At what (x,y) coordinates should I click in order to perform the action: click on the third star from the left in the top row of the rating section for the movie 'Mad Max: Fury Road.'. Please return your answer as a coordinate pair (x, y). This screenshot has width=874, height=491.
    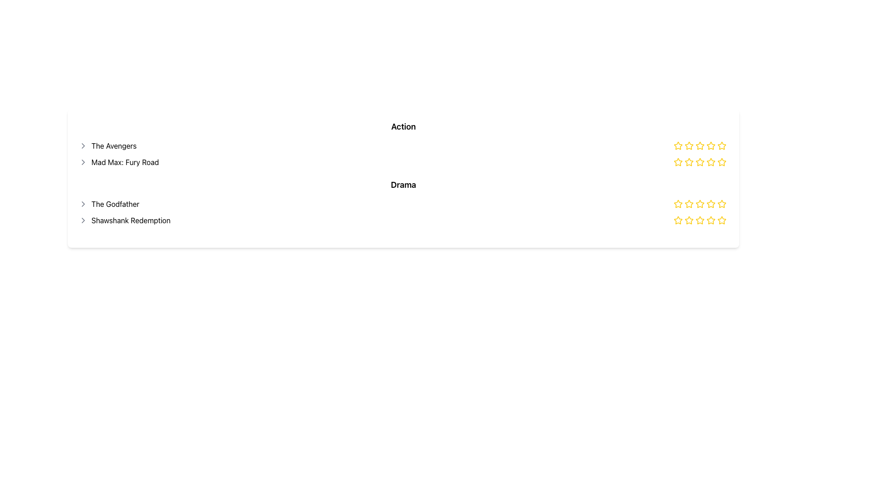
    Looking at the image, I should click on (699, 161).